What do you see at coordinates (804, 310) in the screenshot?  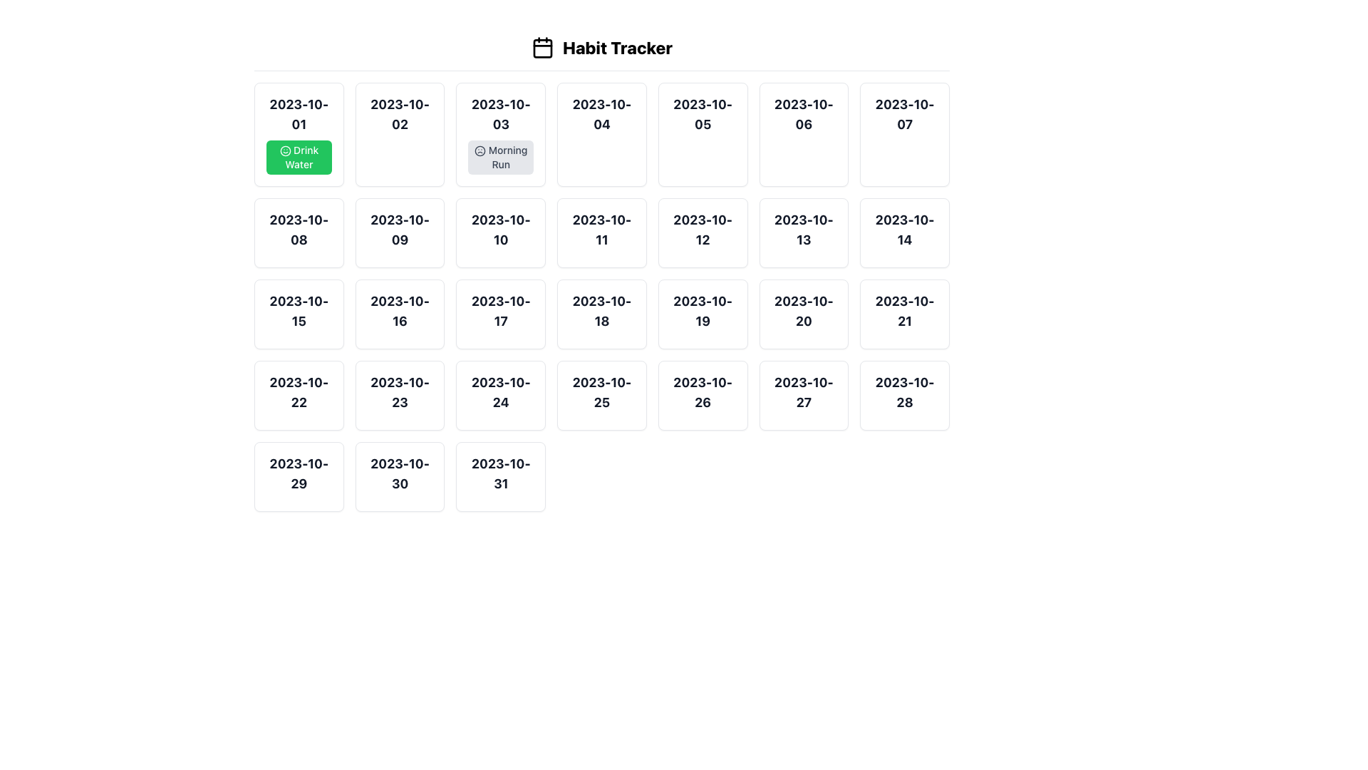 I see `the static text element displaying the date '2023-10-20', which is positioned at the top of a box` at bounding box center [804, 310].